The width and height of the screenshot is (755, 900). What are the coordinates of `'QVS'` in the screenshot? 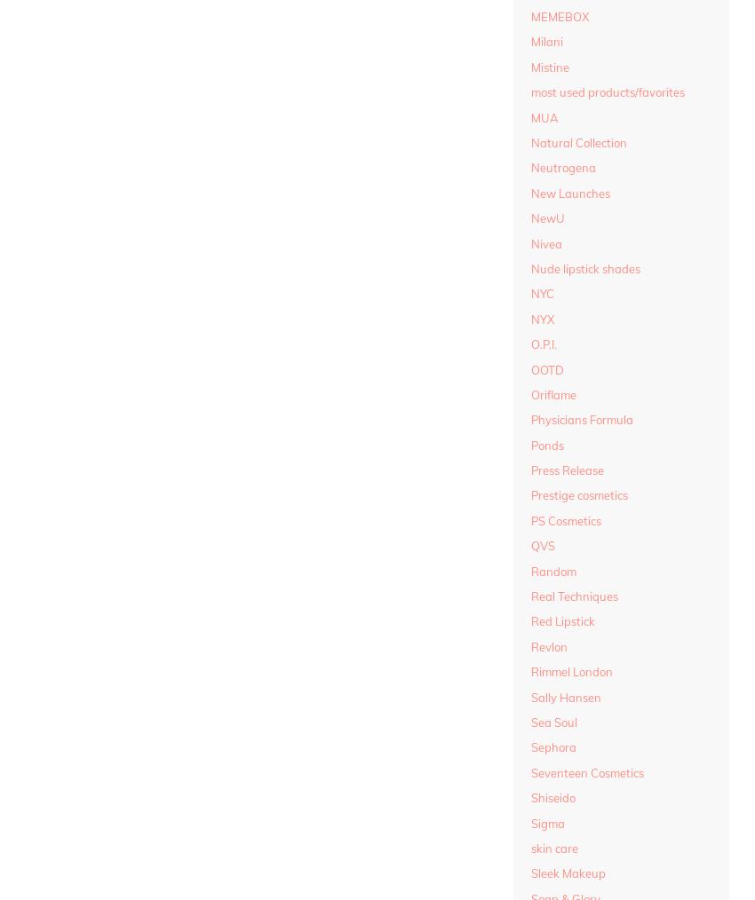 It's located at (542, 545).